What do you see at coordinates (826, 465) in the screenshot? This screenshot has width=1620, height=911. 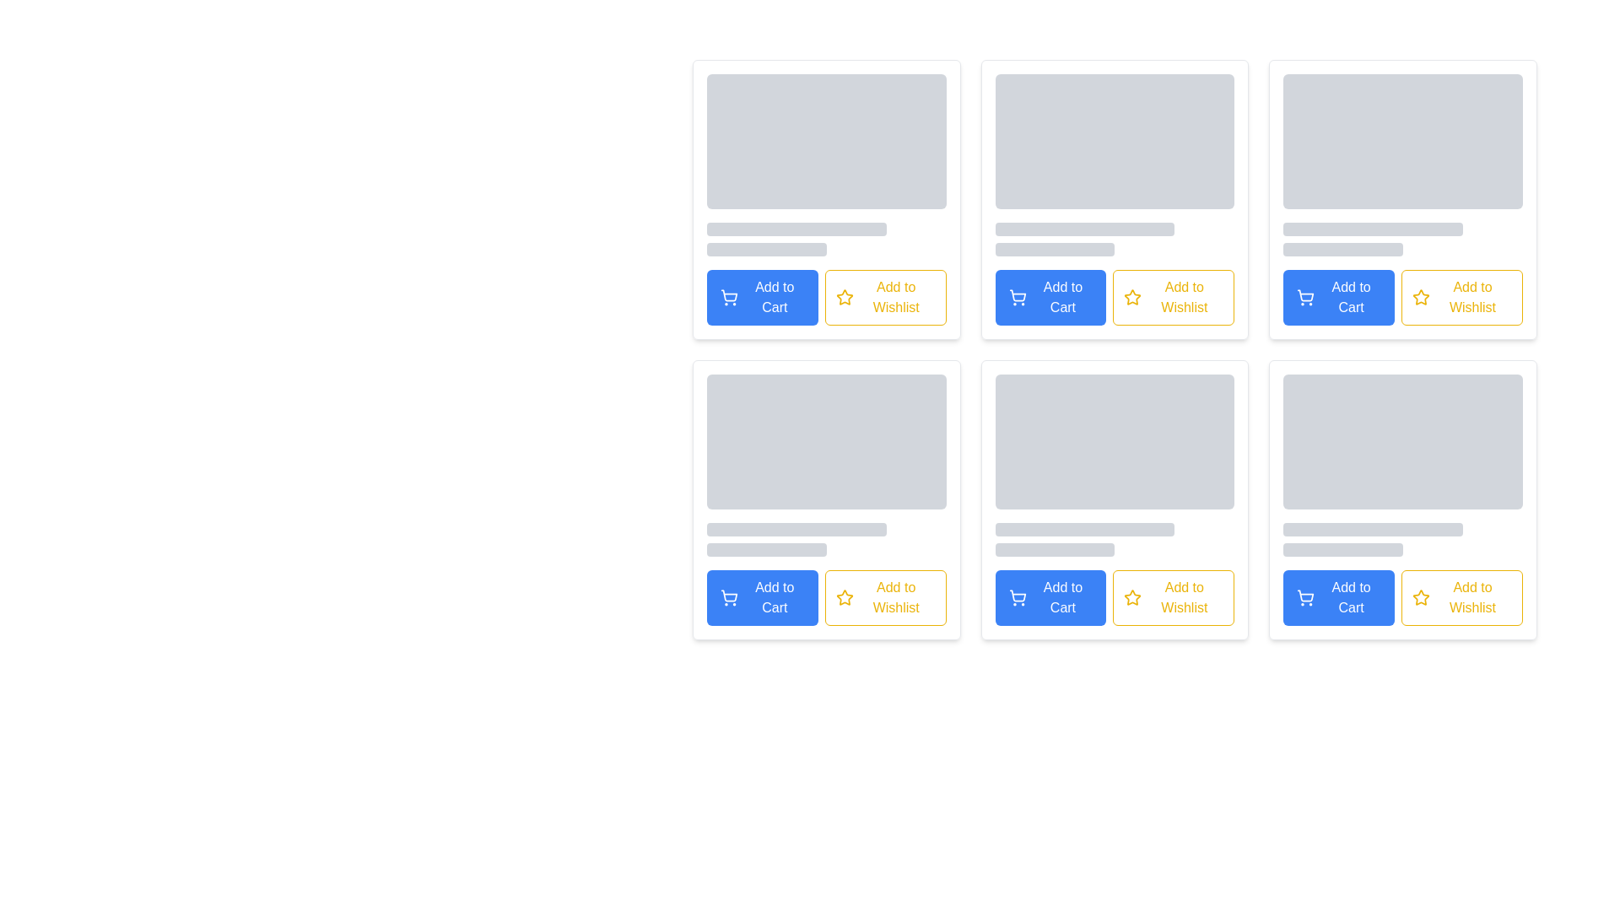 I see `the loading indicator located at the top of the card in the second row, first column of the grid structure, which serves as a placeholder for loading content` at bounding box center [826, 465].